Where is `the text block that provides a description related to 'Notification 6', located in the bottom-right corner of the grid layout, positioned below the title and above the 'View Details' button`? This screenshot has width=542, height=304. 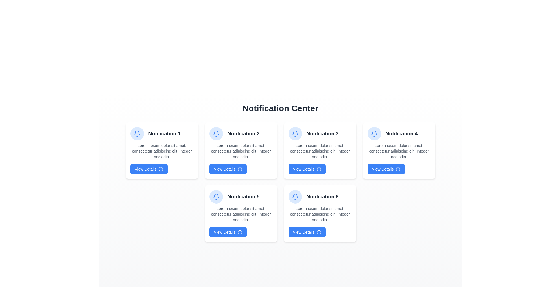
the text block that provides a description related to 'Notification 6', located in the bottom-right corner of the grid layout, positioned below the title and above the 'View Details' button is located at coordinates (320, 214).